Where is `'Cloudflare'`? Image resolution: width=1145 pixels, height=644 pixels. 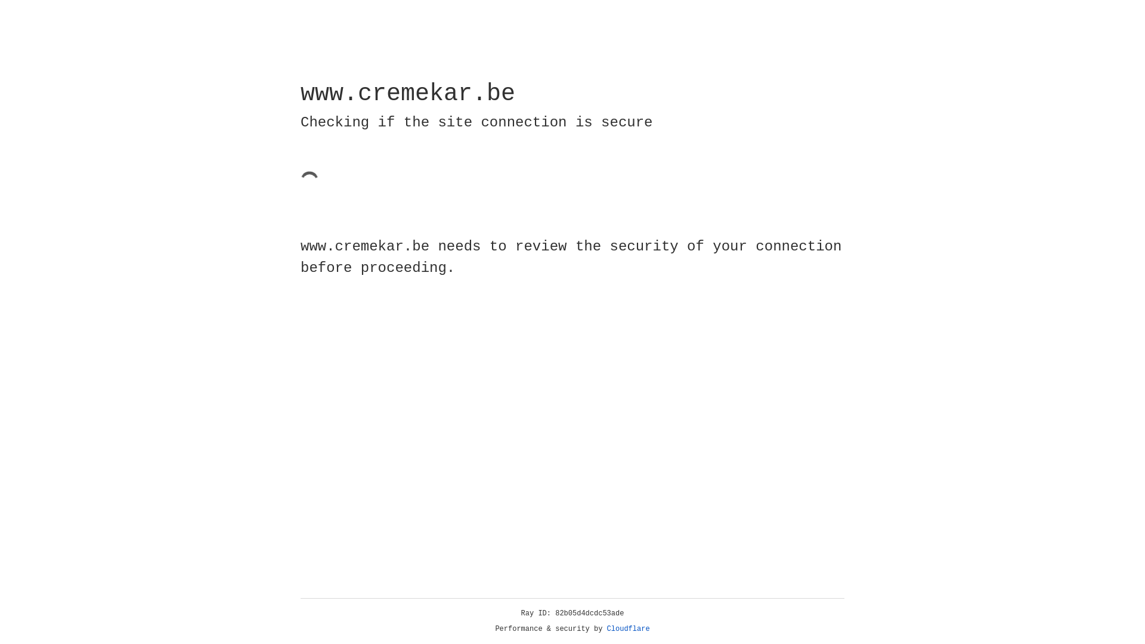 'Cloudflare' is located at coordinates (606, 628).